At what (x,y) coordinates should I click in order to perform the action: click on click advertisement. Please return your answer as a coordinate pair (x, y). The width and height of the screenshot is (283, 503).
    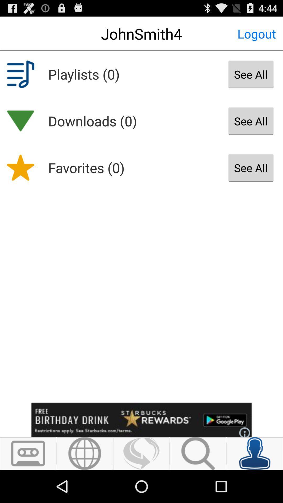
    Looking at the image, I should click on (141, 420).